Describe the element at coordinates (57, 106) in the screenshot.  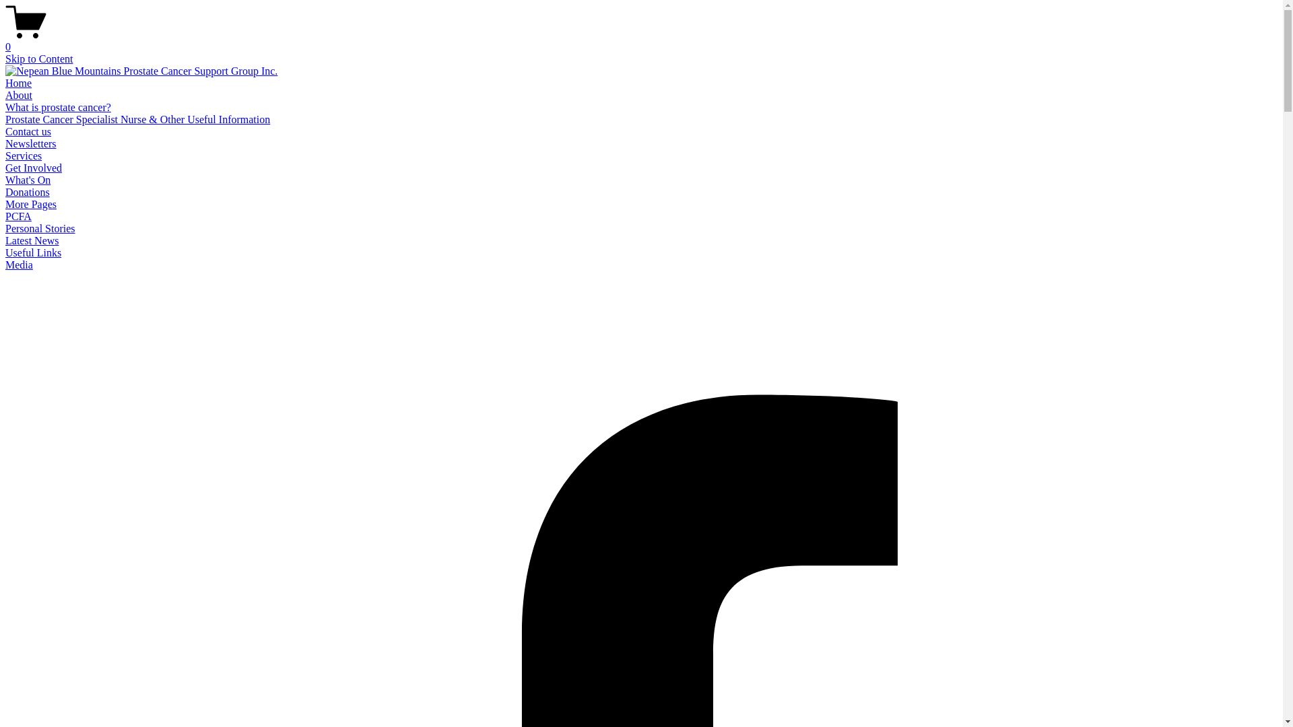
I see `'What is prostate cancer?'` at that location.